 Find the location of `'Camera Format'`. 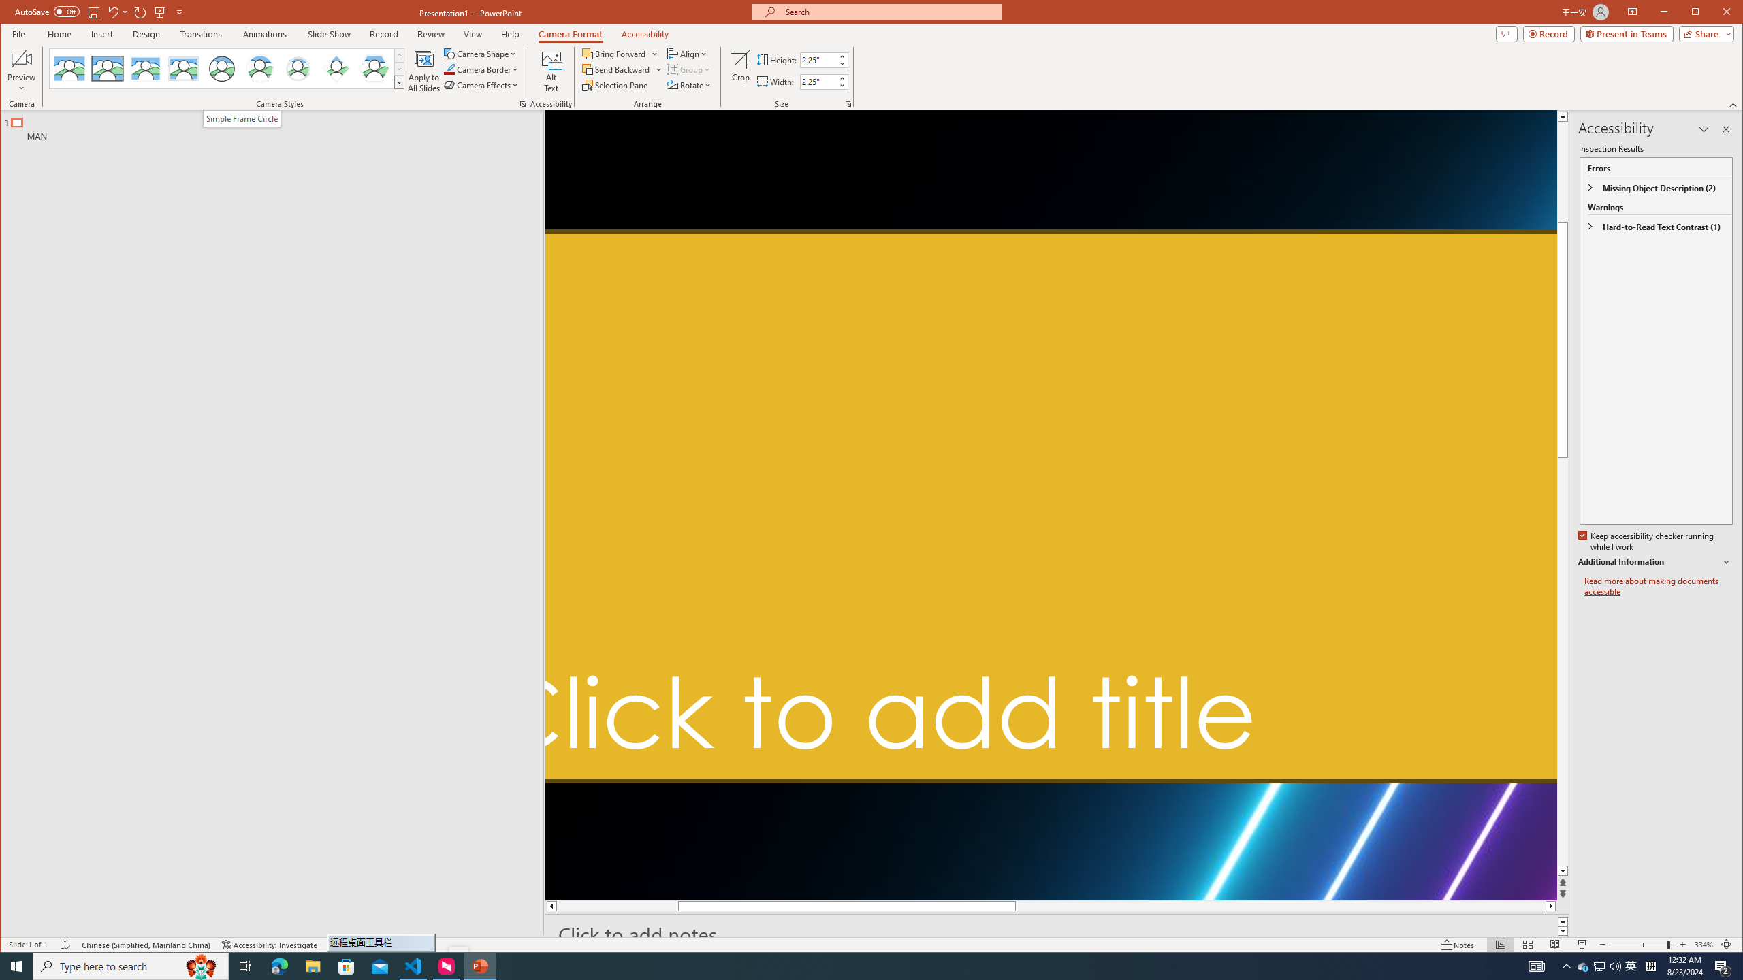

'Camera Format' is located at coordinates (570, 33).